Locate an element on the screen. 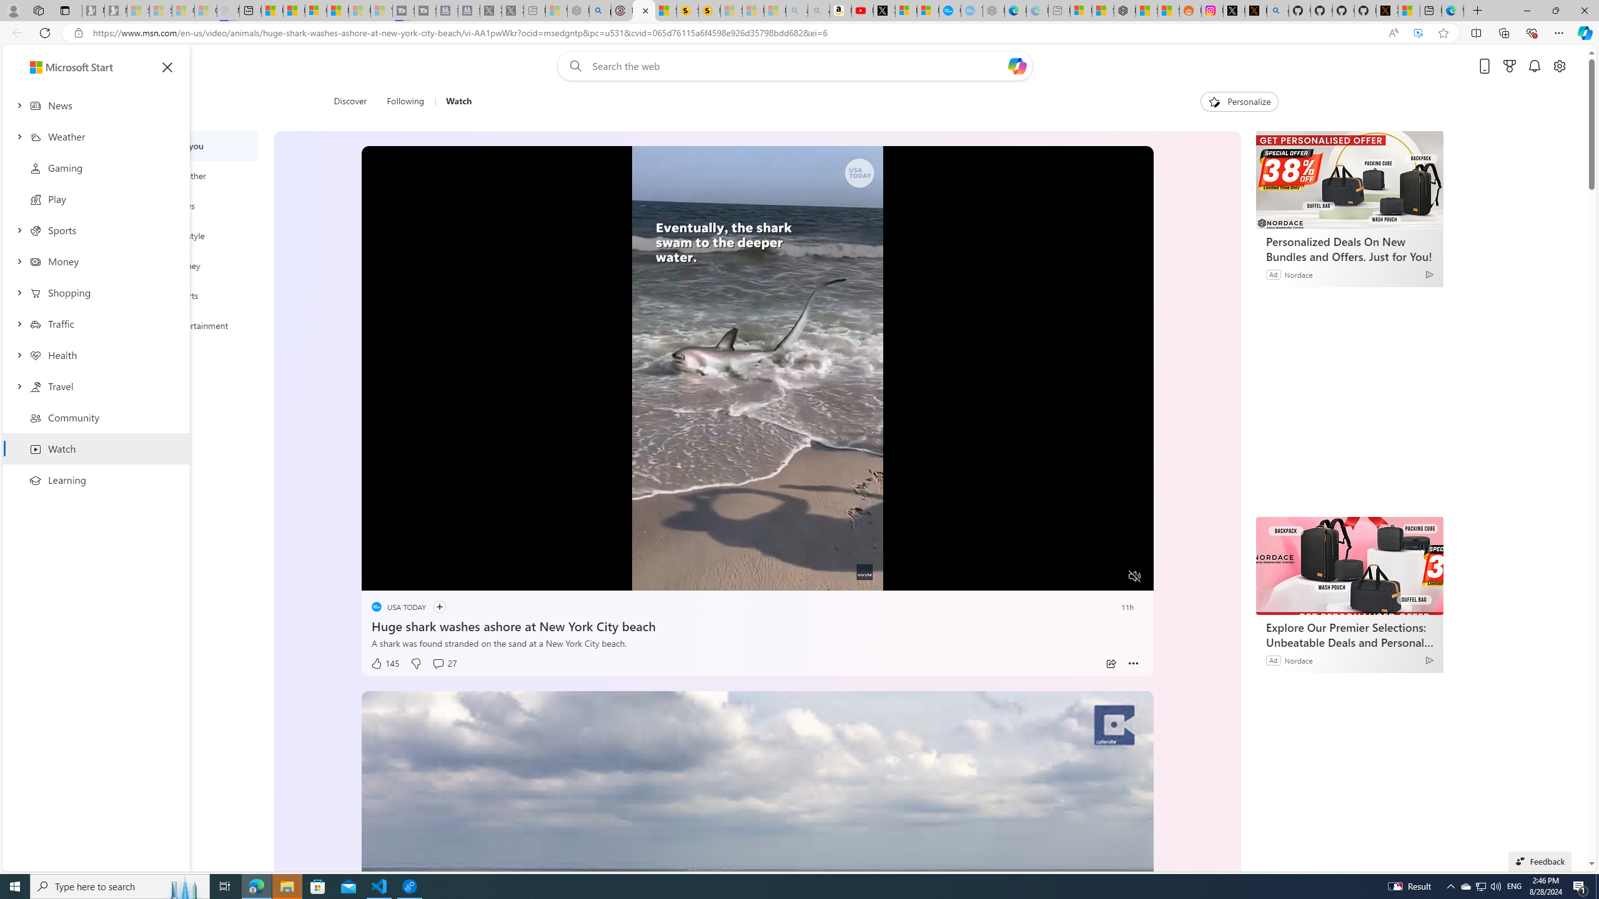 The height and width of the screenshot is (899, 1599). 'Skip to footer' is located at coordinates (51, 65).